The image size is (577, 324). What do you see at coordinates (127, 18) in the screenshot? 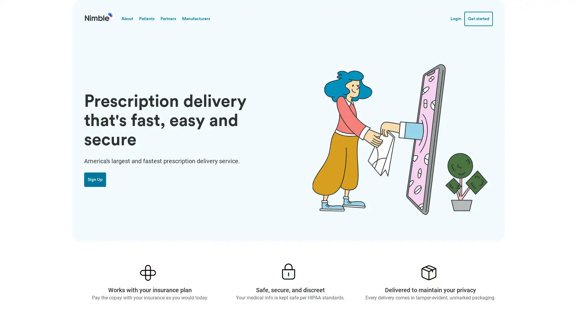
I see `About` at bounding box center [127, 18].